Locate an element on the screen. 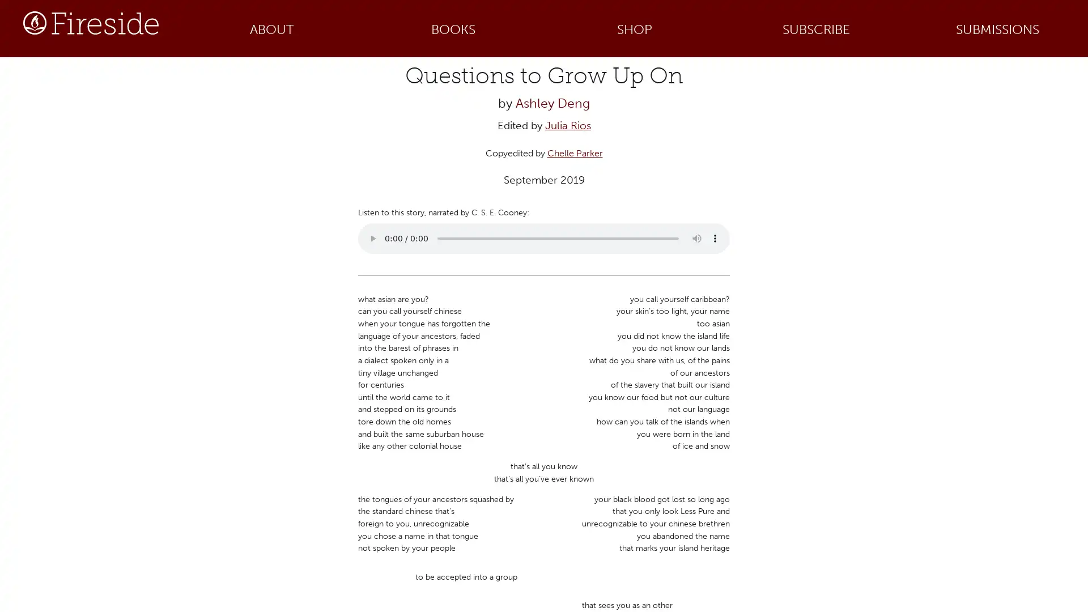  mute is located at coordinates (696, 237).